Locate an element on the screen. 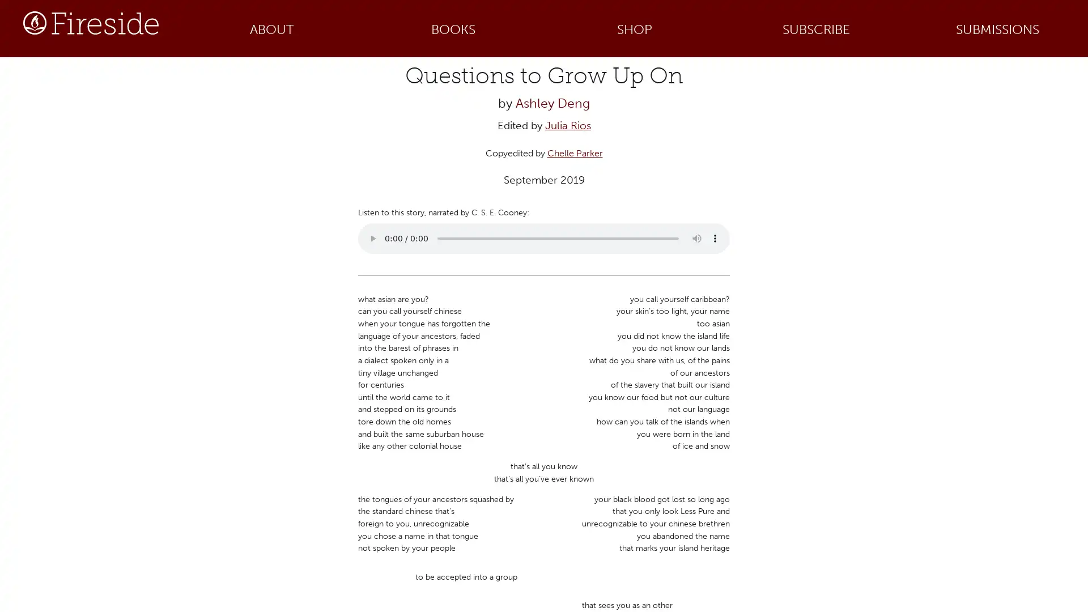  mute is located at coordinates (696, 237).